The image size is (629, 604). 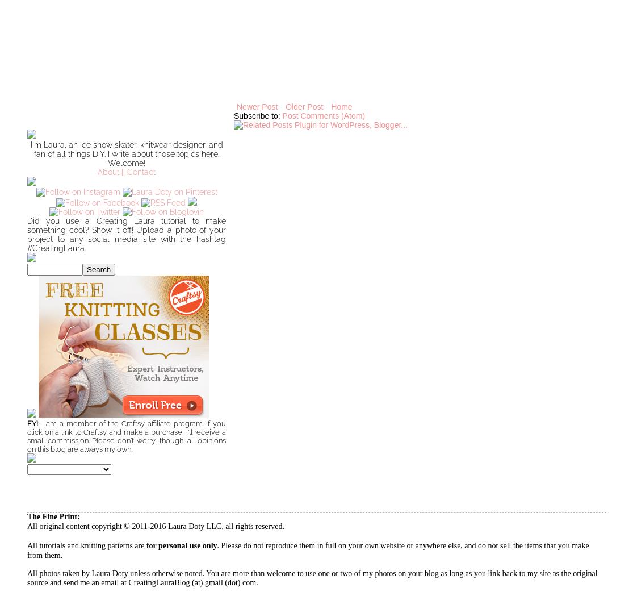 What do you see at coordinates (53, 516) in the screenshot?
I see `'The Fine Print:'` at bounding box center [53, 516].